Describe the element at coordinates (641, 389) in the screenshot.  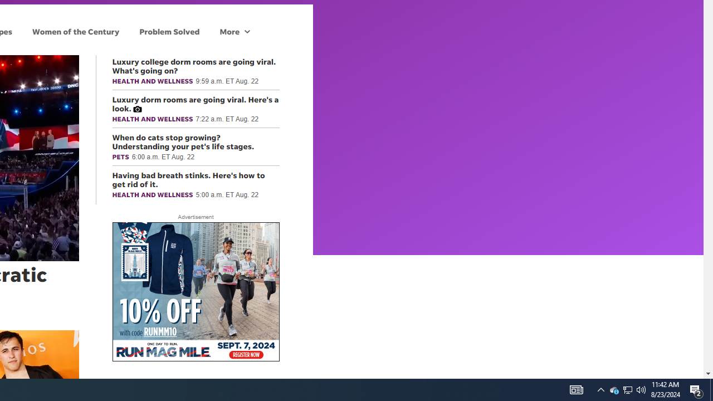
I see `'User Promoted Notification Area'` at that location.